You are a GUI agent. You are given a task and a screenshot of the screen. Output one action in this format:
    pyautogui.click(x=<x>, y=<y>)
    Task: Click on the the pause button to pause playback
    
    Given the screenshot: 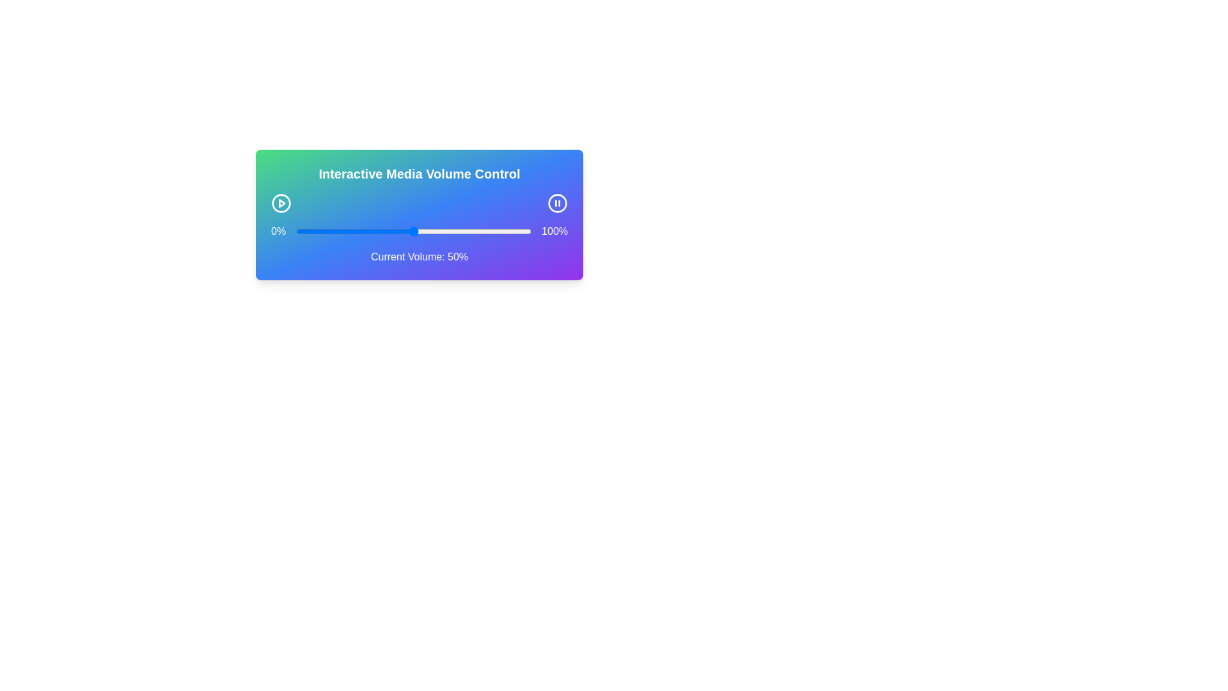 What is the action you would take?
    pyautogui.click(x=558, y=202)
    